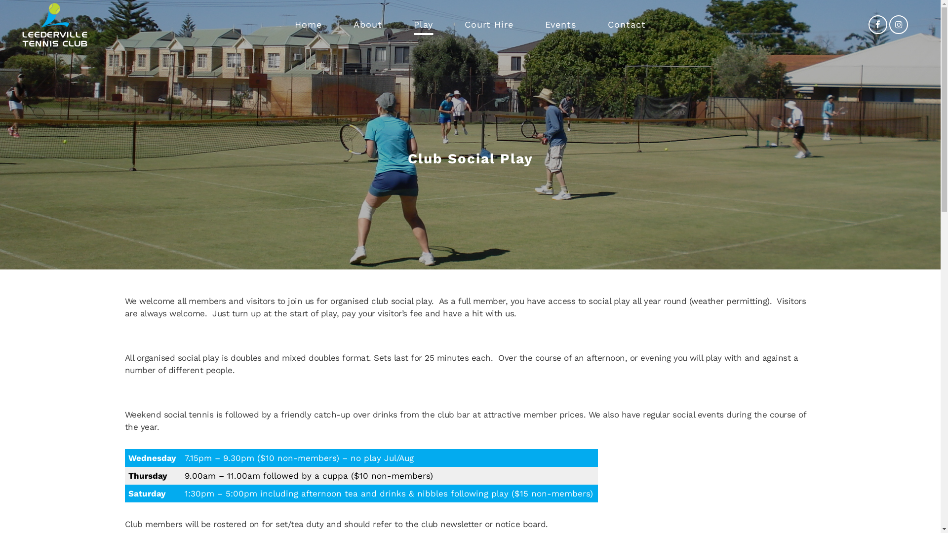 Image resolution: width=948 pixels, height=533 pixels. Describe the element at coordinates (308, 24) in the screenshot. I see `'Home'` at that location.